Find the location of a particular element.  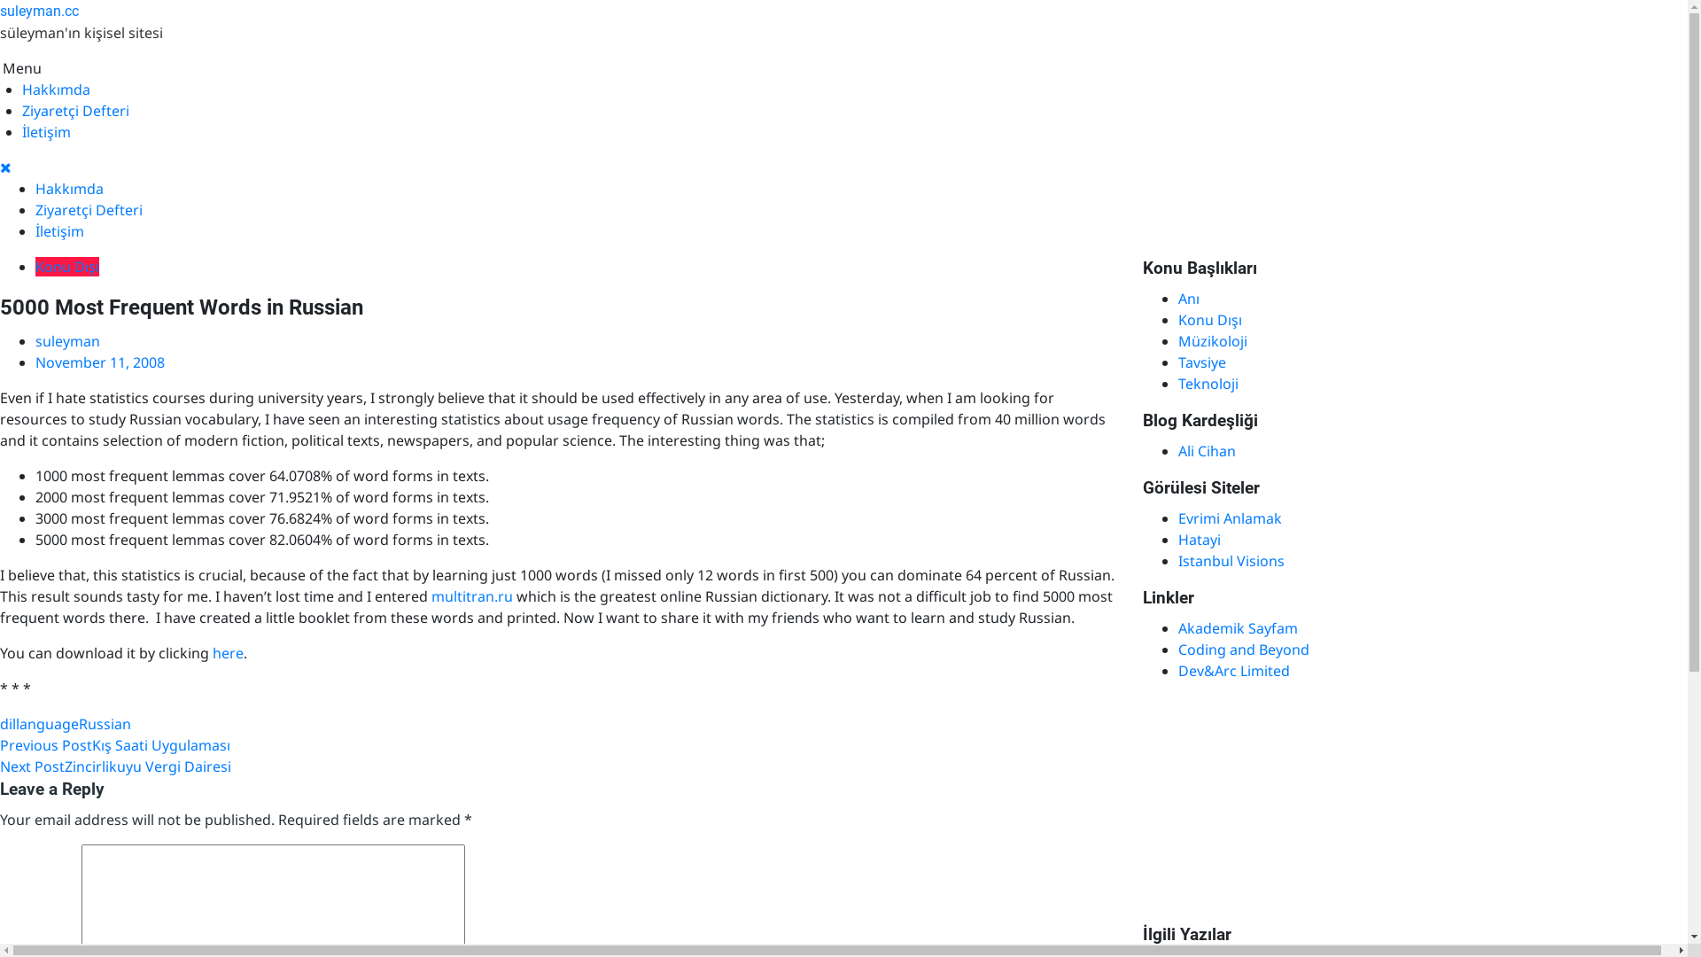

'Evrimi Anlamak' is located at coordinates (1229, 518).